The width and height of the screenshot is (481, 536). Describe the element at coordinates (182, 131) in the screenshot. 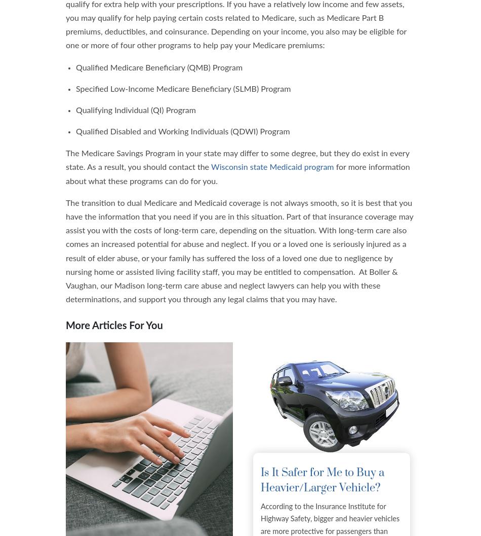

I see `'Qualified Disabled and Working Individuals (QDWI) Program'` at that location.